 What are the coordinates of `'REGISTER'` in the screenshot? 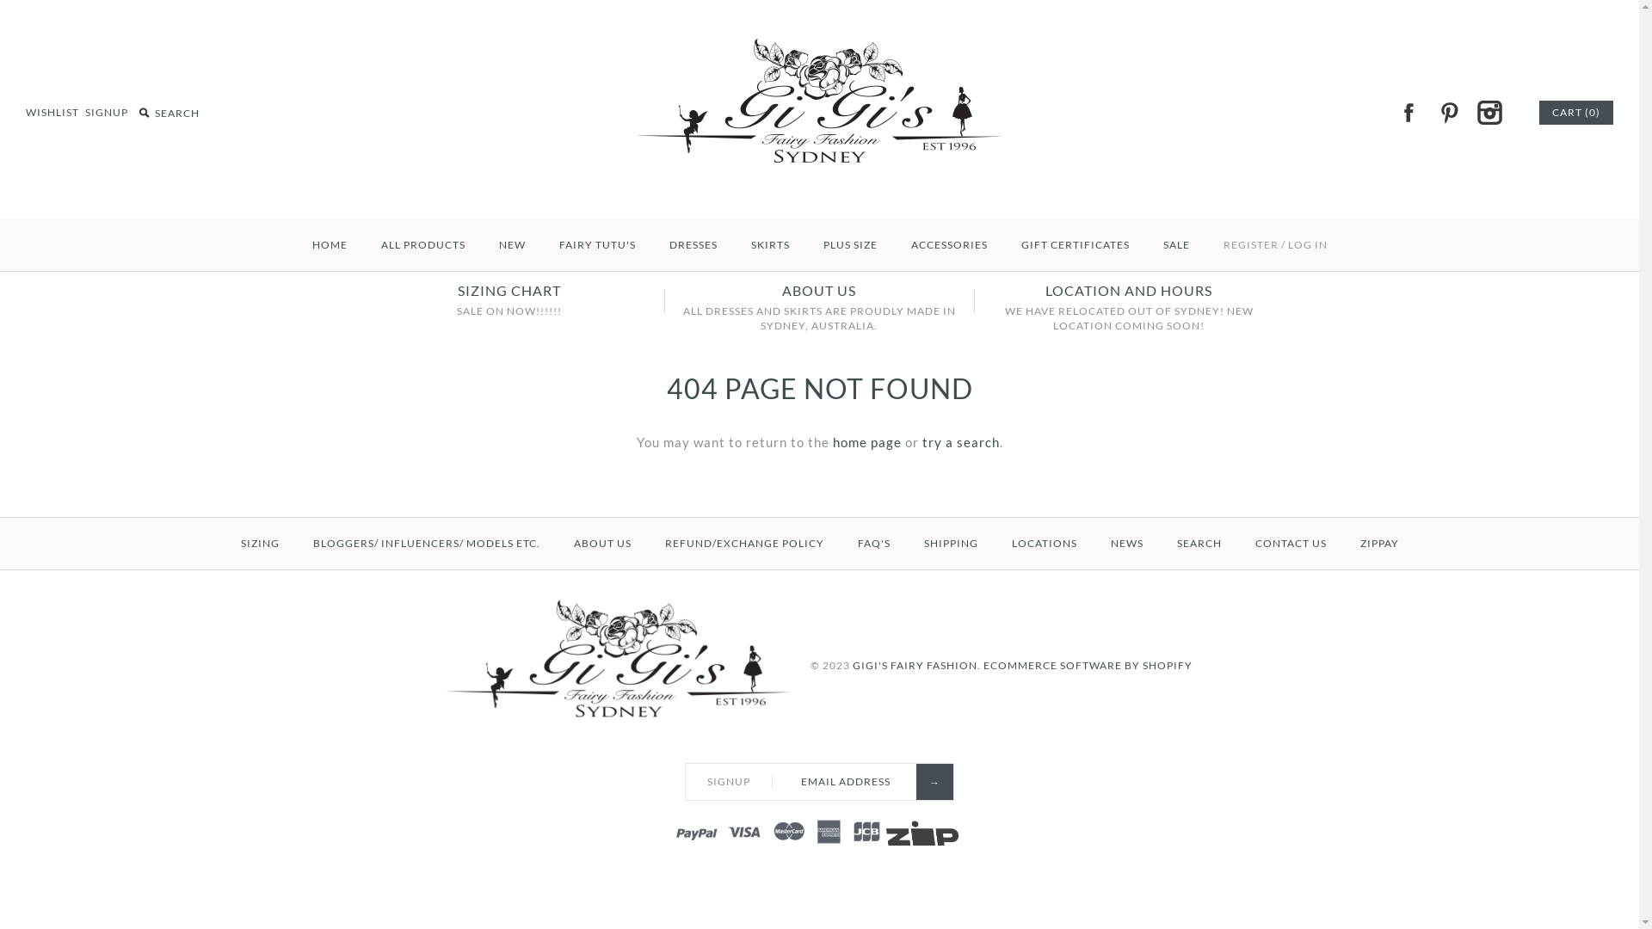 It's located at (1251, 245).